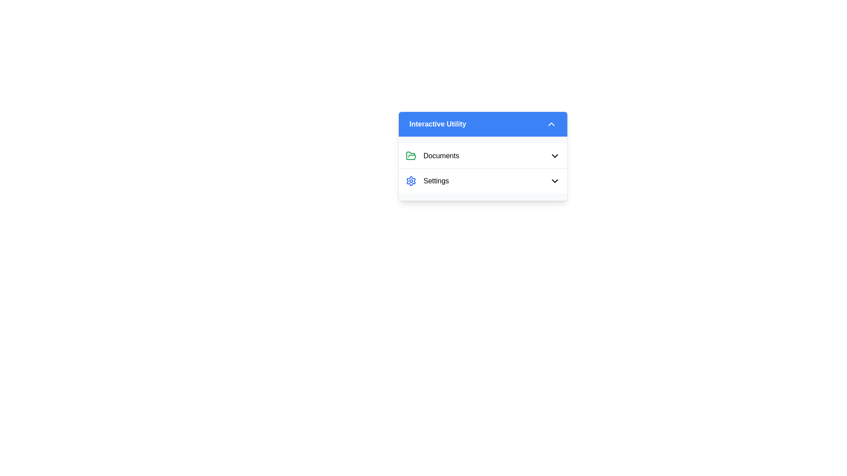  I want to click on the settings button located below the 'Documents' item in the 'Interactive Utility' dropdown panel, so click(427, 181).